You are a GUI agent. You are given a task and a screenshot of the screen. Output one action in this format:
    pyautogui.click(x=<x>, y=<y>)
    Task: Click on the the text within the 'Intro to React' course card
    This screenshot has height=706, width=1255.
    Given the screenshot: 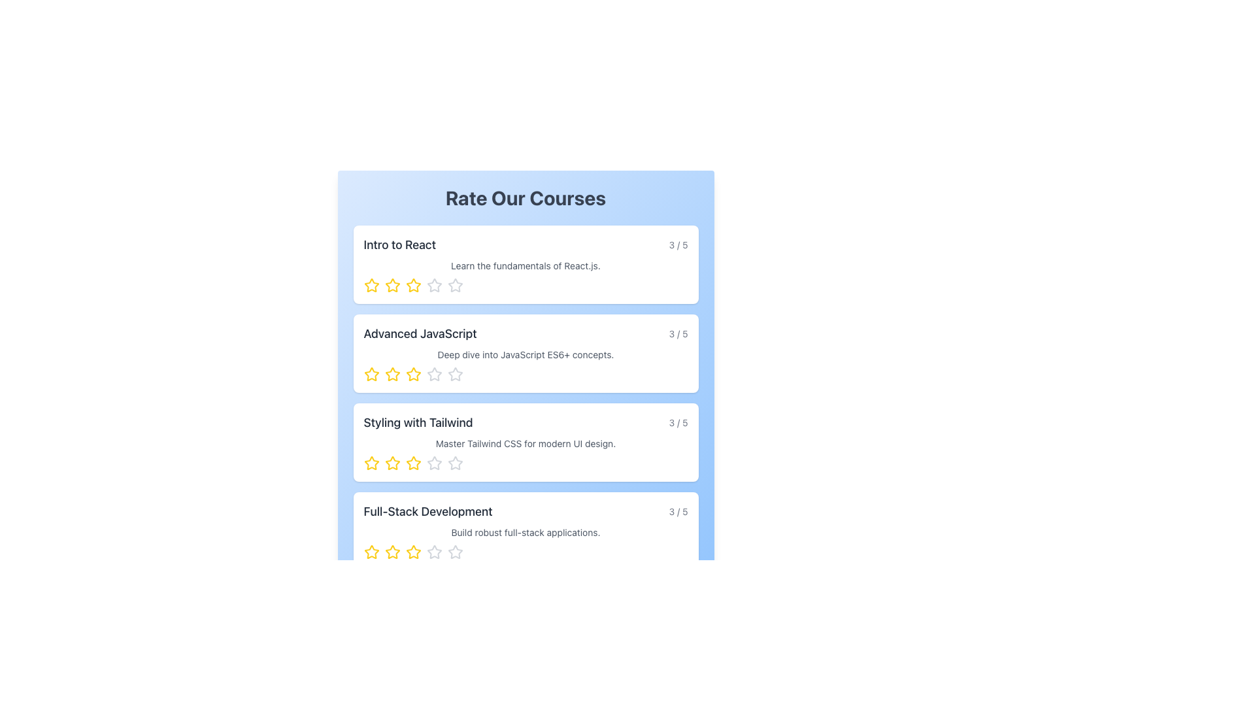 What is the action you would take?
    pyautogui.click(x=526, y=265)
    